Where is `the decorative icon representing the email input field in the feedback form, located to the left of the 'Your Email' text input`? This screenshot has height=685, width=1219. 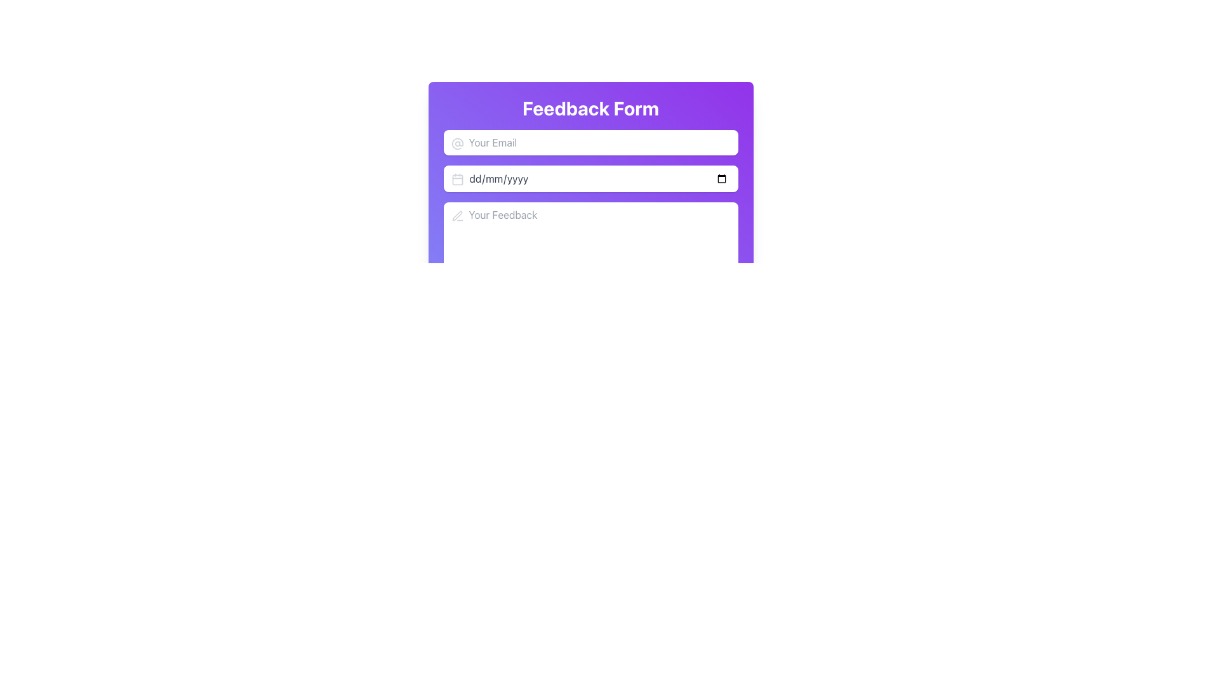
the decorative icon representing the email input field in the feedback form, located to the left of the 'Your Email' text input is located at coordinates (457, 143).